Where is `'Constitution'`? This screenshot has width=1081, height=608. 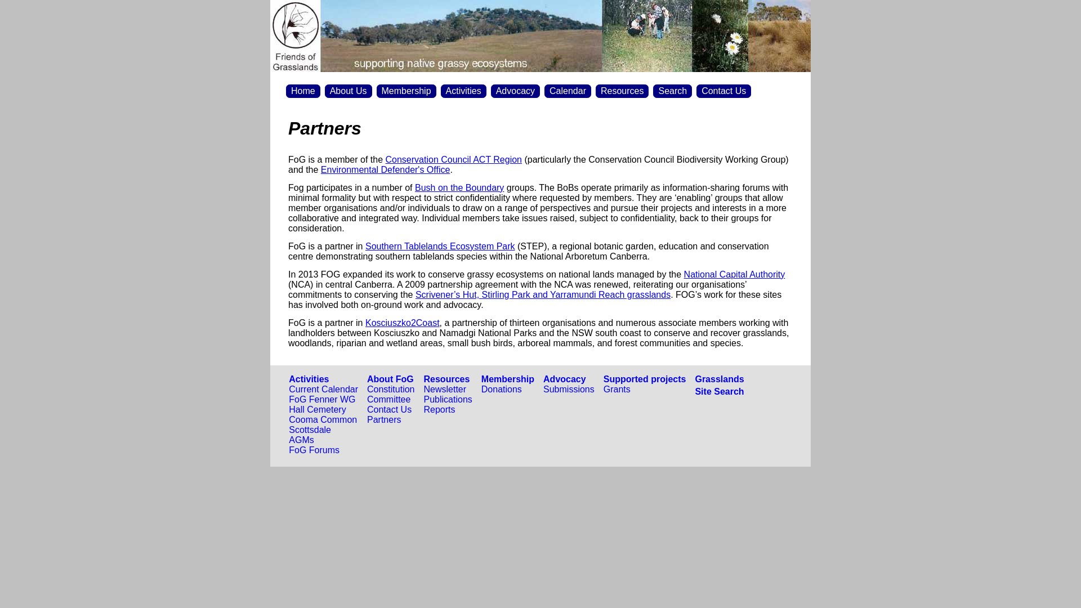
'Constitution' is located at coordinates (391, 388).